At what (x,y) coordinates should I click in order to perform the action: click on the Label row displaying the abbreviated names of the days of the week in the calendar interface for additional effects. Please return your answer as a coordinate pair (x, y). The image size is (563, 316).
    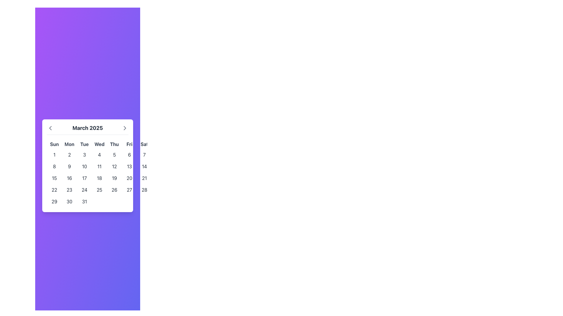
    Looking at the image, I should click on (99, 144).